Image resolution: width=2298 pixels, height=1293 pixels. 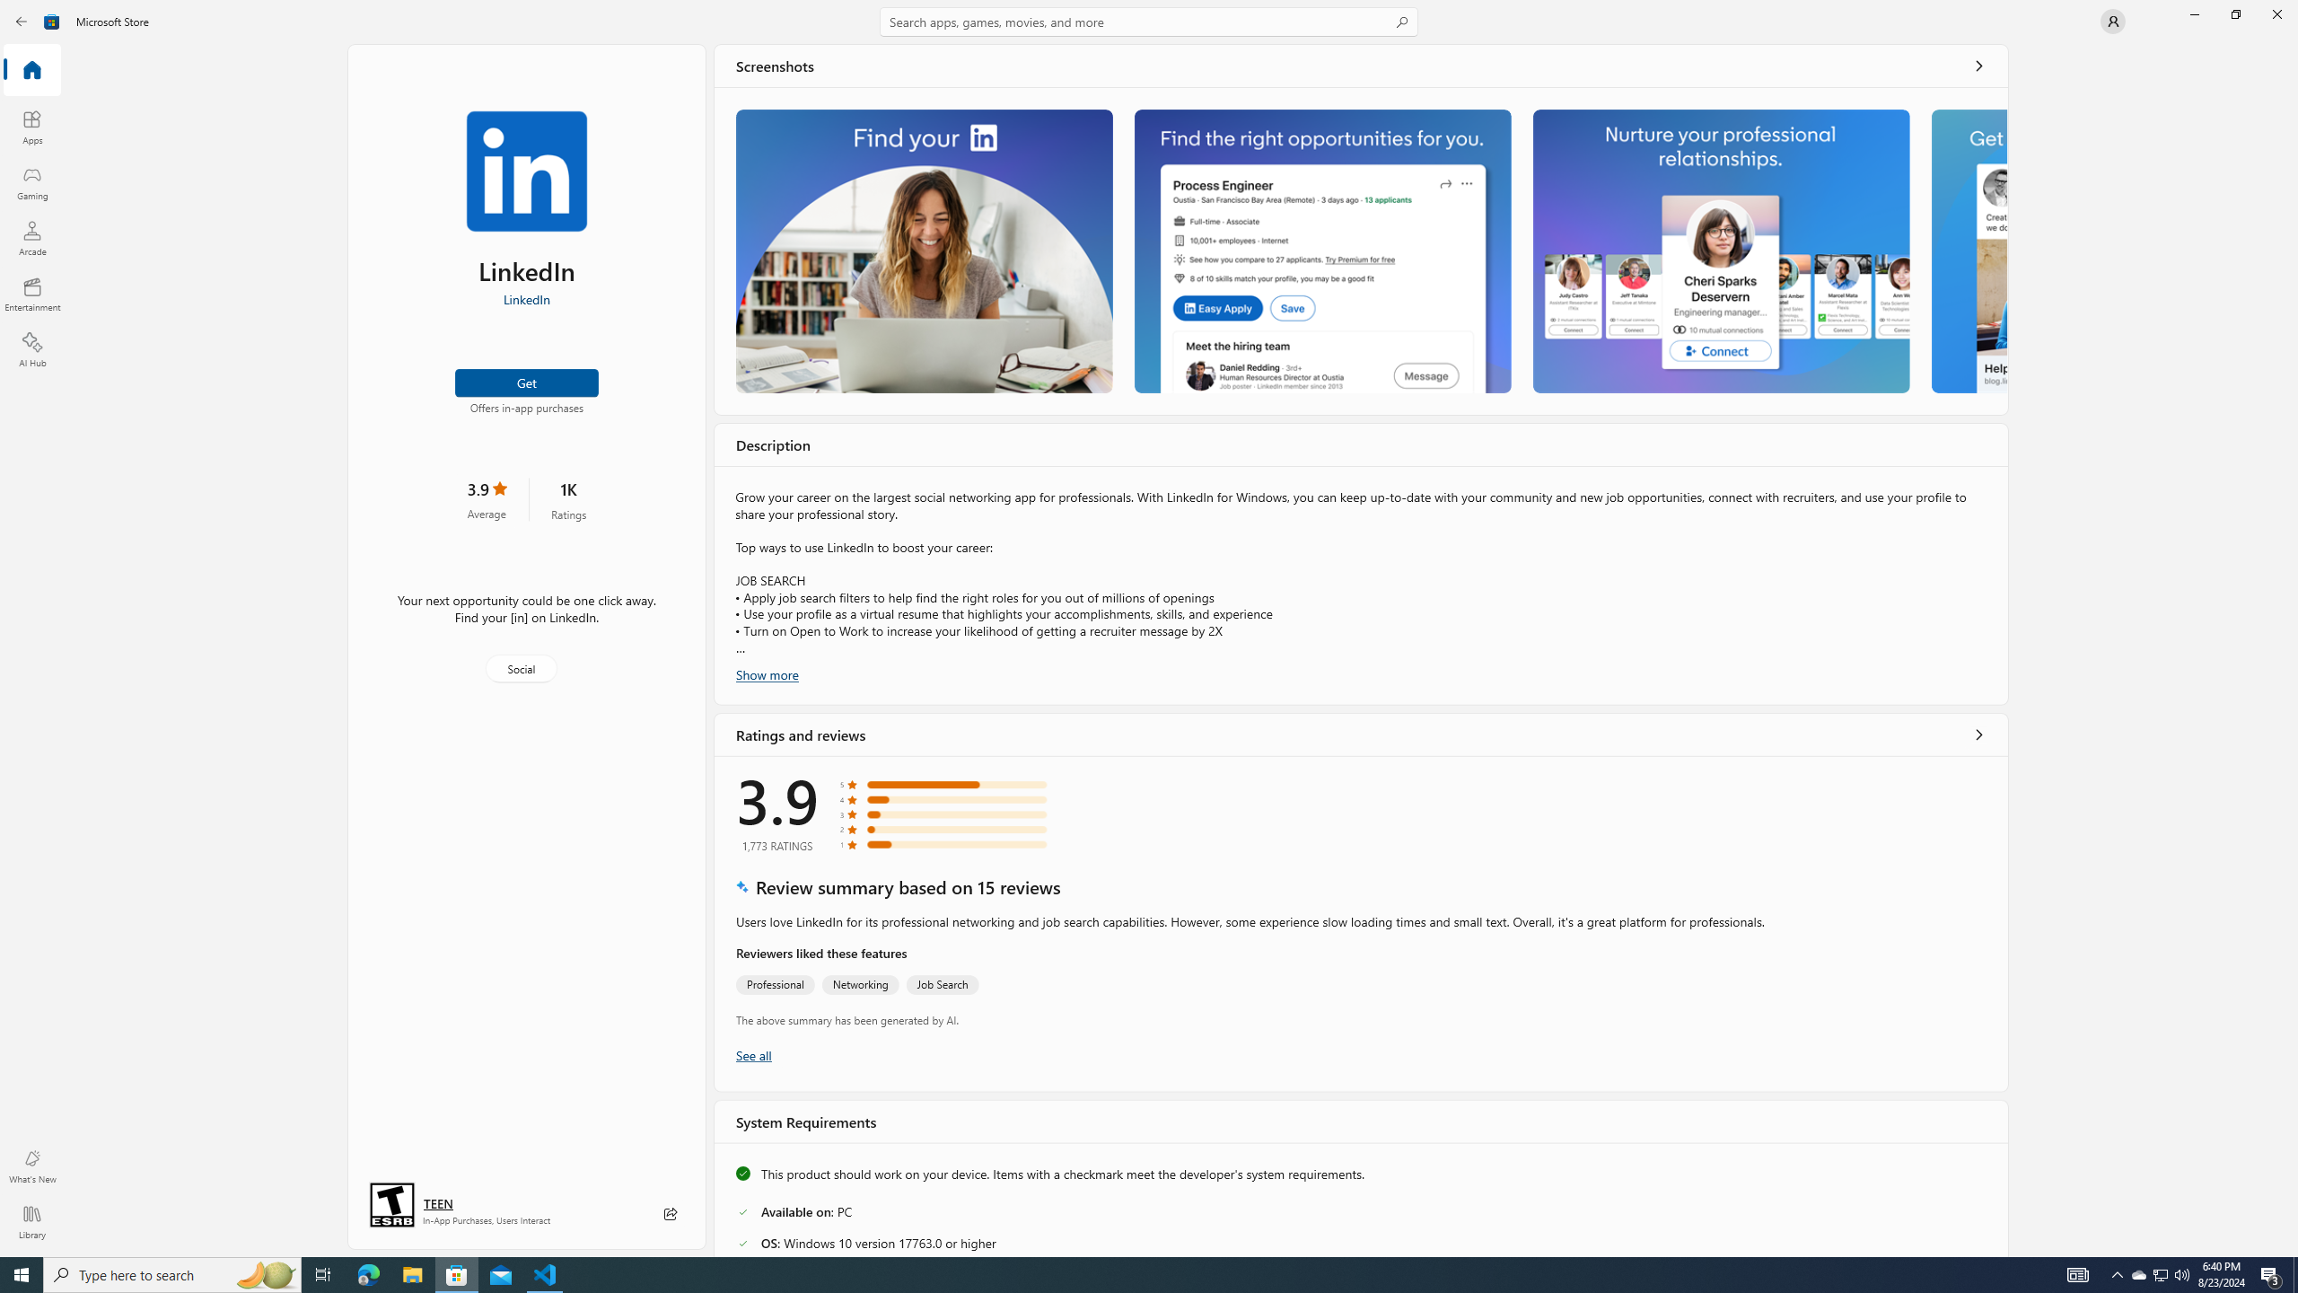 I want to click on 'Age rating: TEEN. Click for more information.', so click(x=436, y=1203).